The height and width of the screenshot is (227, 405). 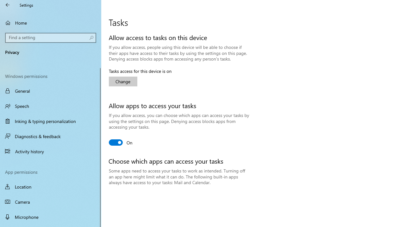 What do you see at coordinates (8, 5) in the screenshot?
I see `'Back'` at bounding box center [8, 5].